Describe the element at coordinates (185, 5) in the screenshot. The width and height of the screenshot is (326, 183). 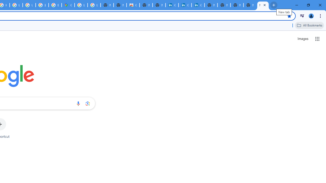
I see `'Cookie Policy | LinkedIn'` at that location.